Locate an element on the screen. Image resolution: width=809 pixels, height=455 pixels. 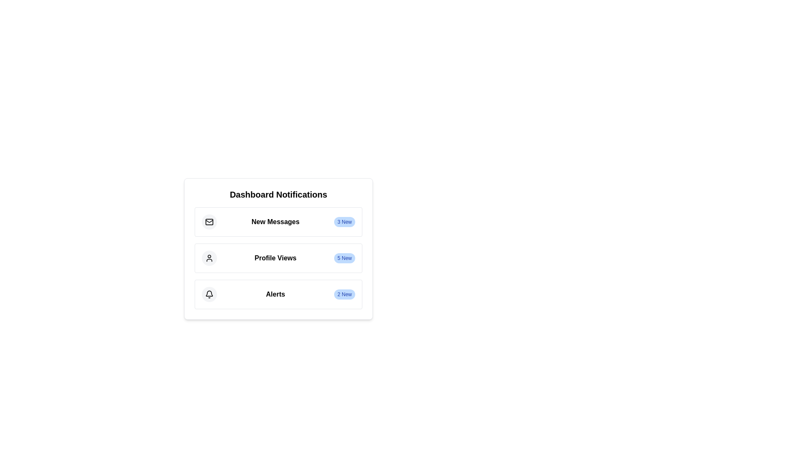
the centrally aligned Text label that serves as a title for the notification section, located above the list of notification items is located at coordinates (279, 195).